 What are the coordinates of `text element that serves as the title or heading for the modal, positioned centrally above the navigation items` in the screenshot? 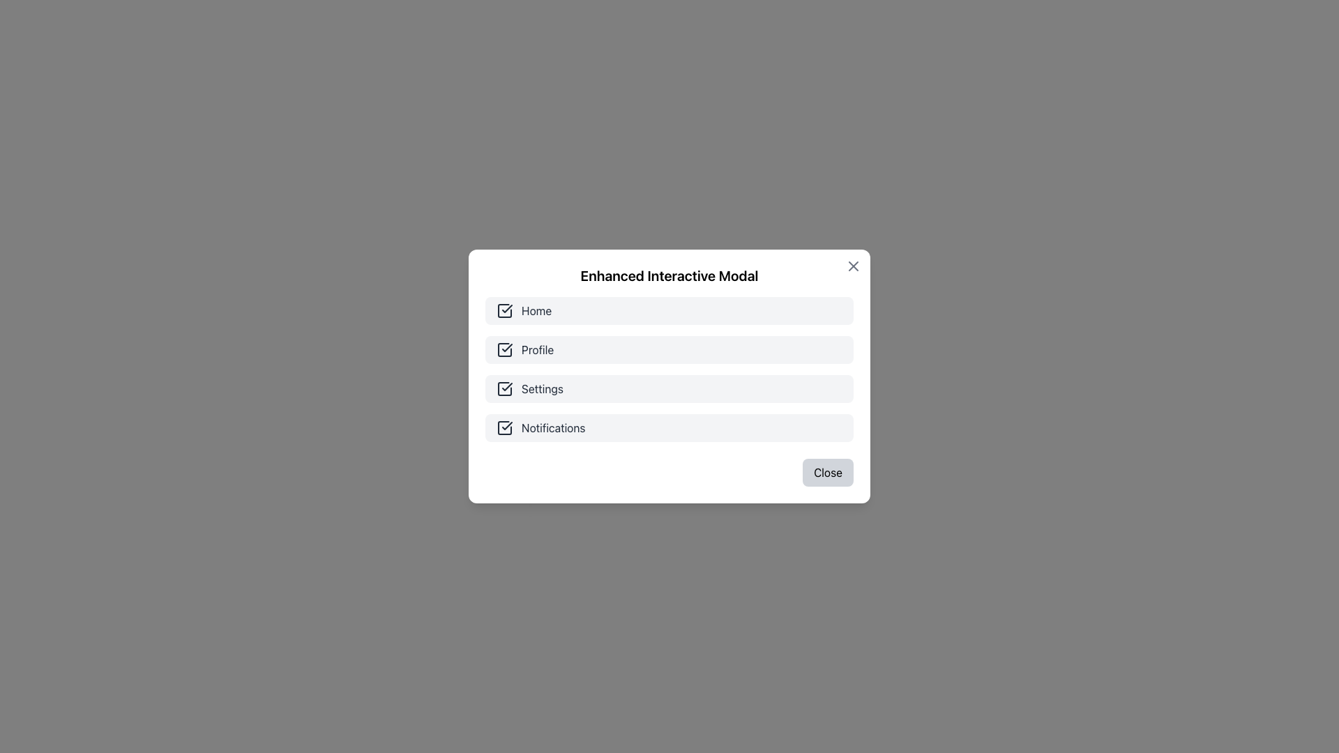 It's located at (669, 276).